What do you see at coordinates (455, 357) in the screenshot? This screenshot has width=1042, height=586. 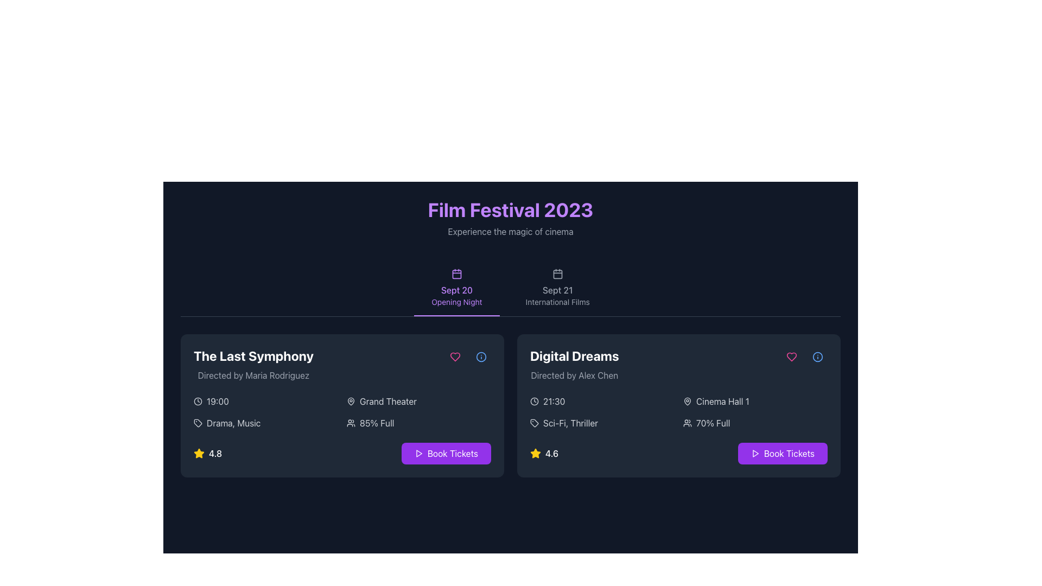 I see `the heart-shaped icon representing the 'like' or 'favorite' action, located to the right of the text 'Digital Dreams' and above the 'Book Tickets' button` at bounding box center [455, 357].